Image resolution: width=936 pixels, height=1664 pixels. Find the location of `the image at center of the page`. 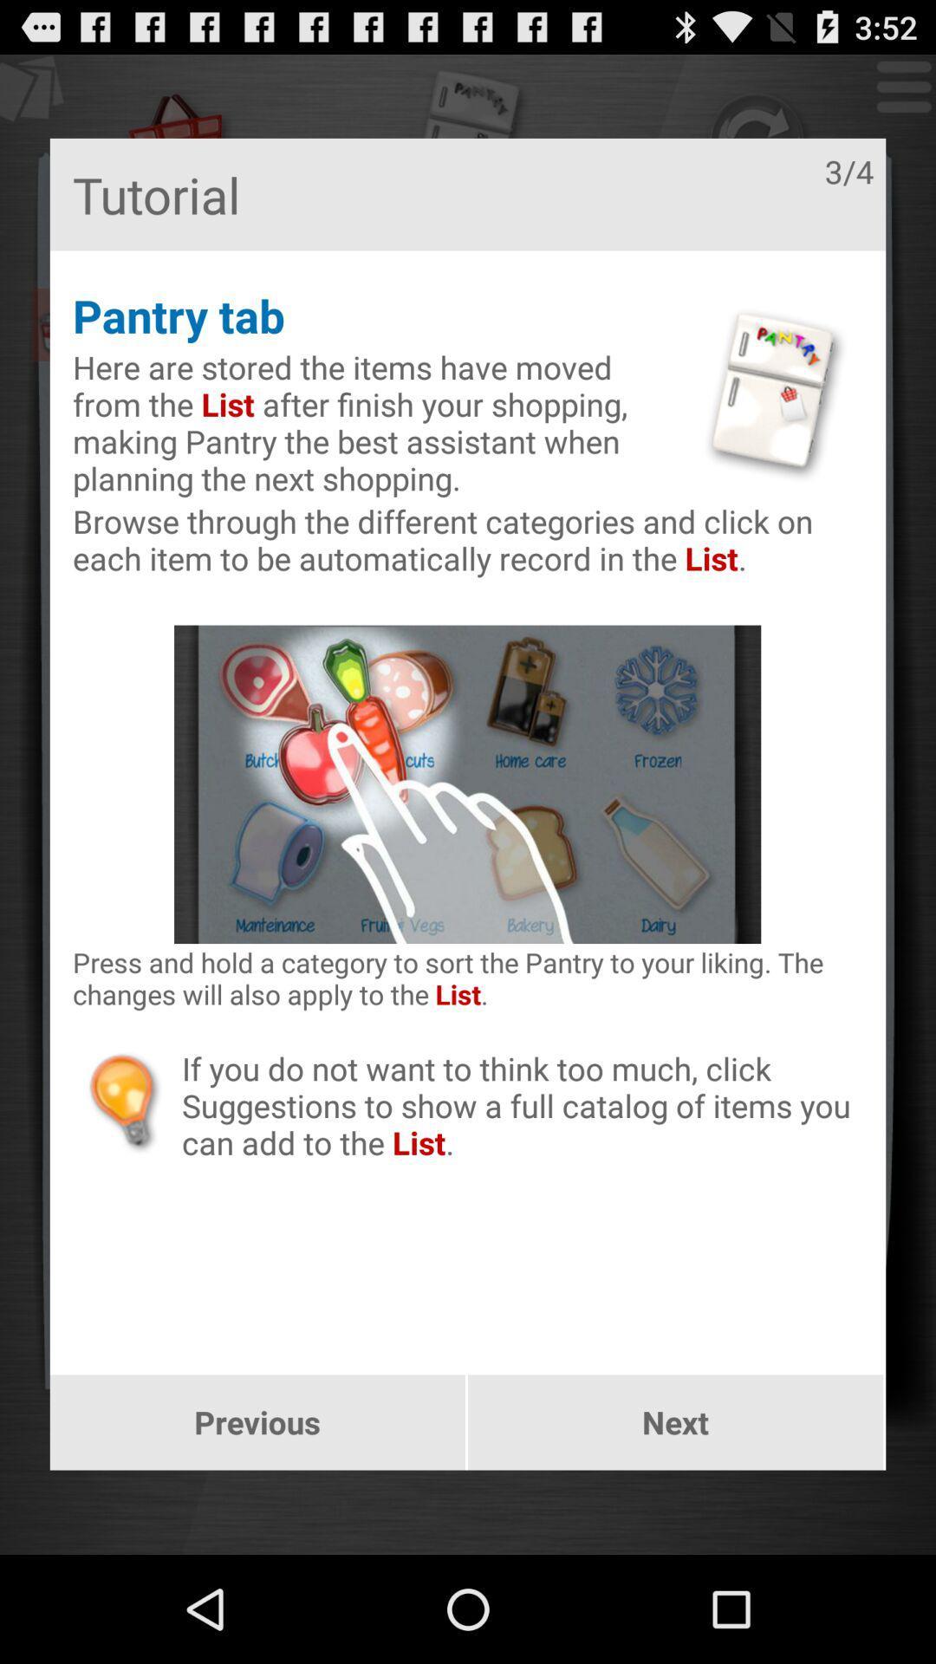

the image at center of the page is located at coordinates (466, 783).